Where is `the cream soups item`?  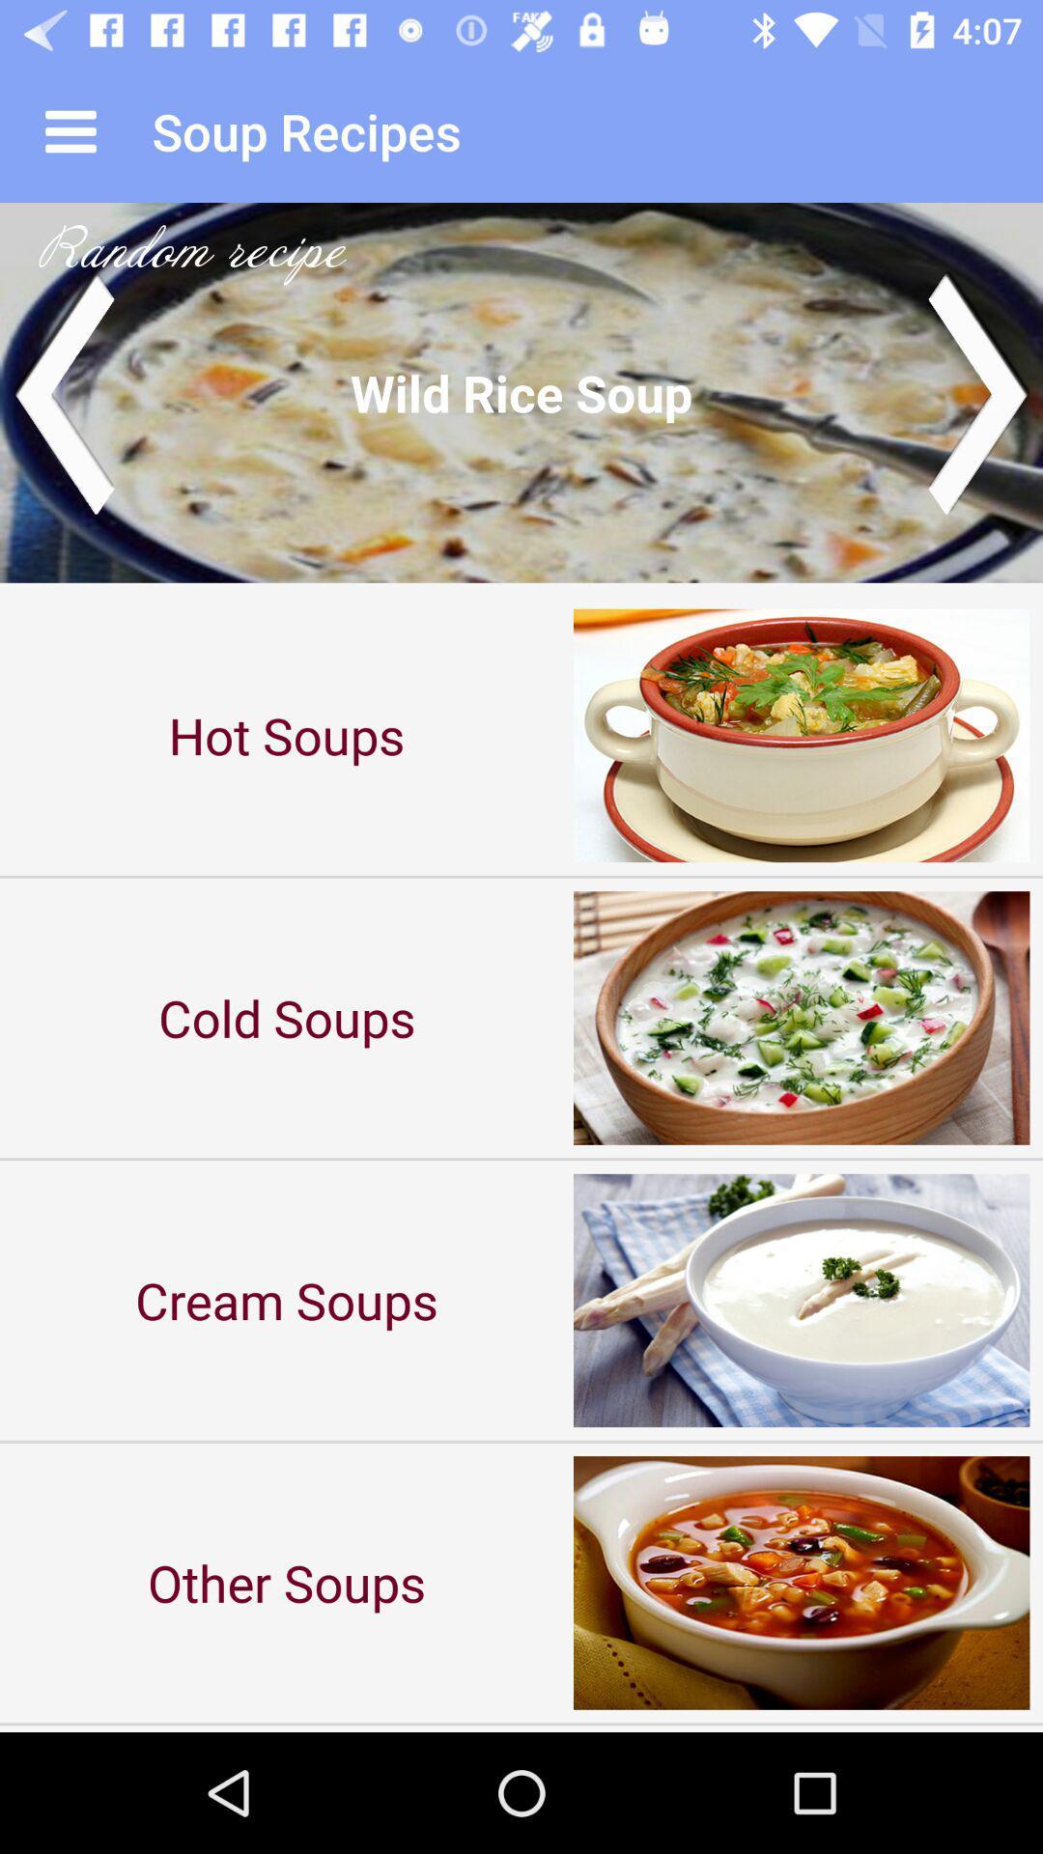 the cream soups item is located at coordinates (287, 1300).